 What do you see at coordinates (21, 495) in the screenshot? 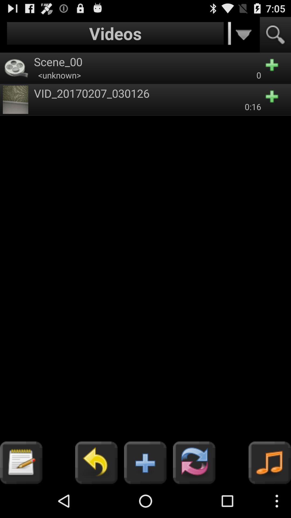
I see `the edit icon` at bounding box center [21, 495].